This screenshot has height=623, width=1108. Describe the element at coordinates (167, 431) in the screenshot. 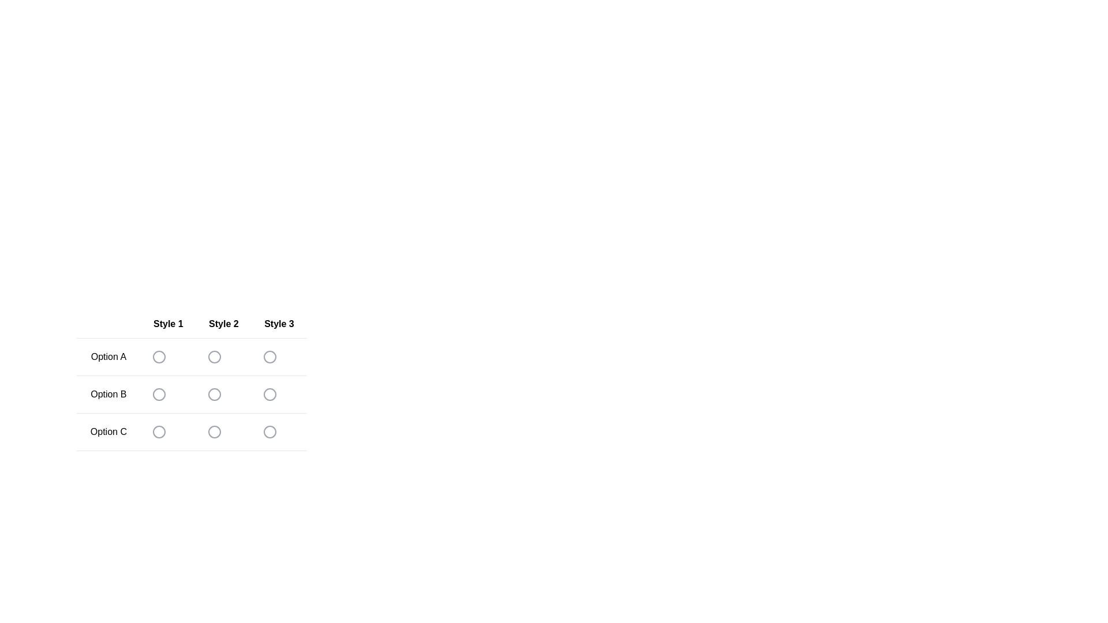

I see `the circular radio button located in the first column of 'Style 1' under 'Option C'` at that location.